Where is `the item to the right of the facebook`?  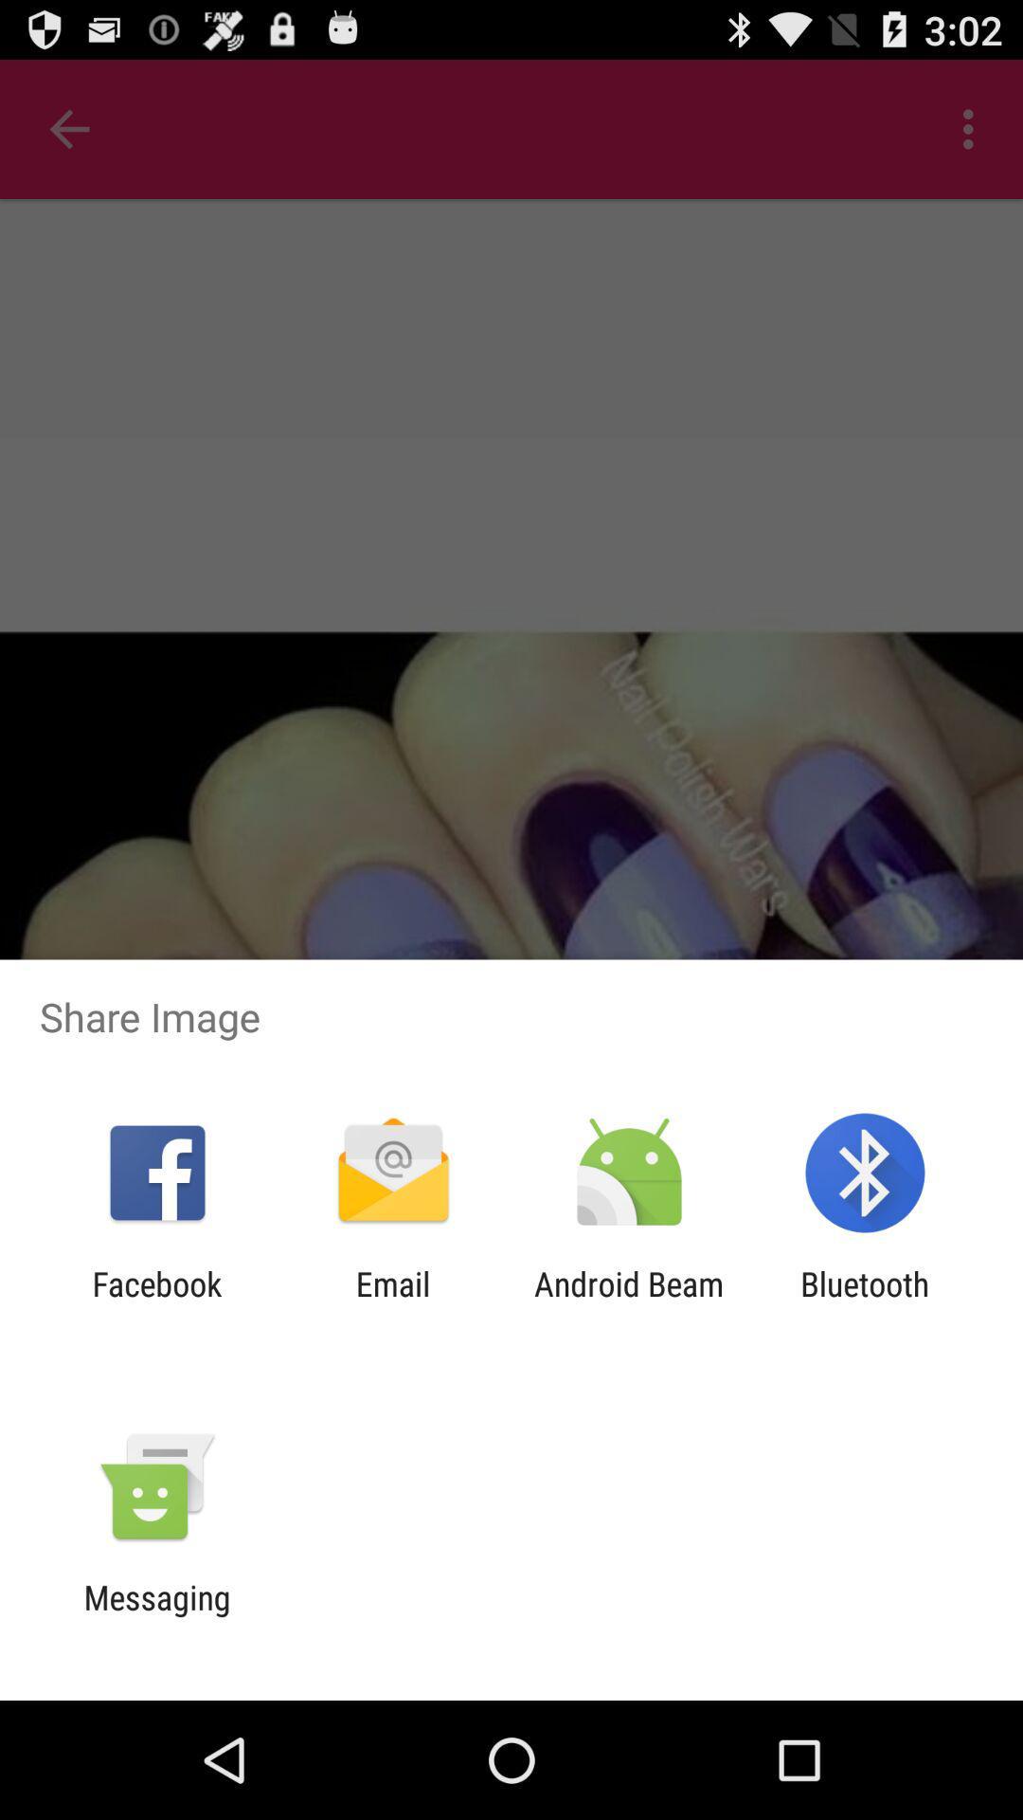
the item to the right of the facebook is located at coordinates (392, 1302).